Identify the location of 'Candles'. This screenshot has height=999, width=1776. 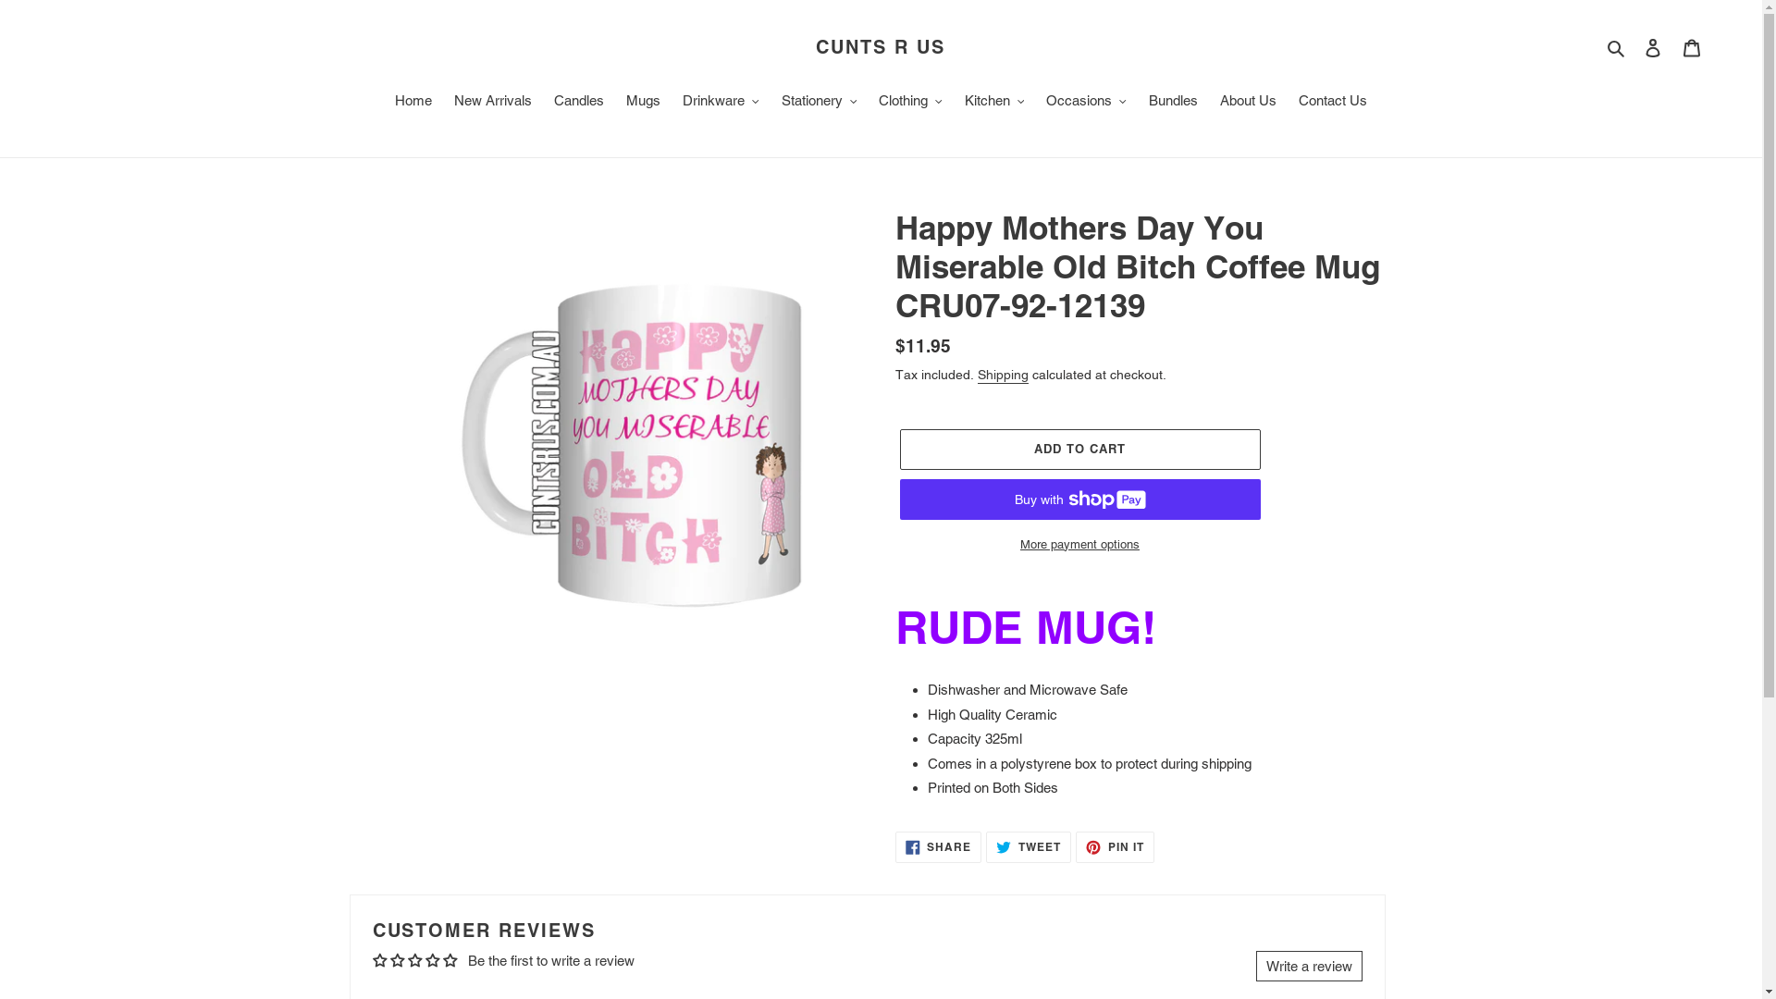
(577, 103).